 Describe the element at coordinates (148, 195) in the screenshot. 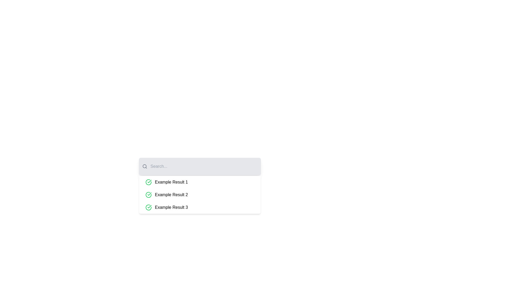

I see `the green circular checkmark icon located to the left of the text 'Example Result 2' for additional options` at that location.